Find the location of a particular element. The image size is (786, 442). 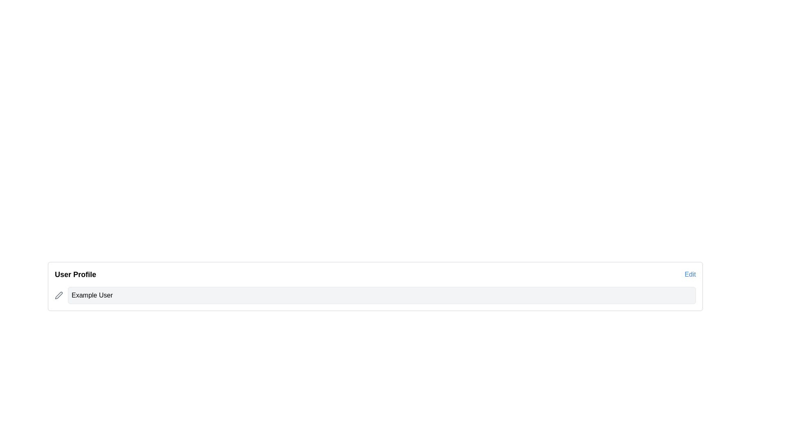

the pen icon located at the far left of the layout is located at coordinates (59, 295).